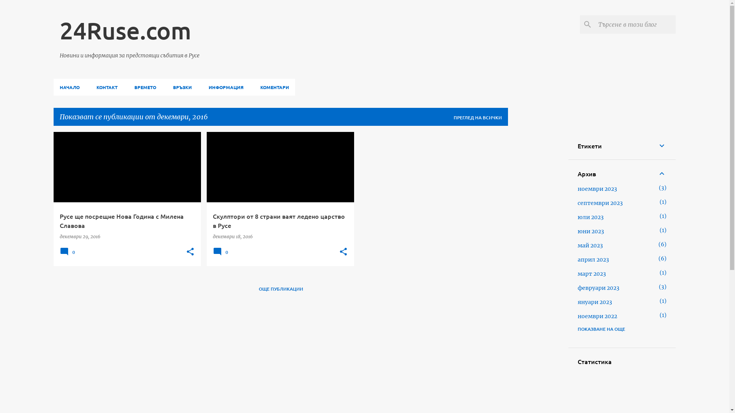 The width and height of the screenshot is (735, 413). Describe the element at coordinates (514, 246) in the screenshot. I see `'Advertisement'` at that location.